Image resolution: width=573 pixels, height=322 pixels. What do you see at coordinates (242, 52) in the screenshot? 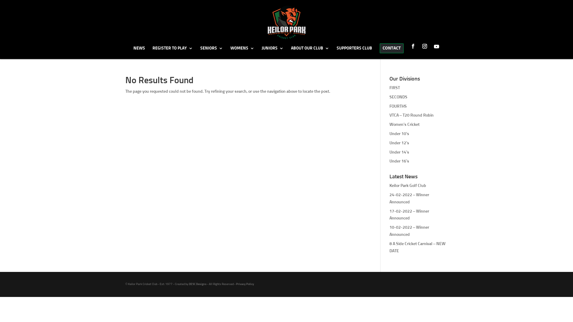
I see `'WOMENS'` at bounding box center [242, 52].